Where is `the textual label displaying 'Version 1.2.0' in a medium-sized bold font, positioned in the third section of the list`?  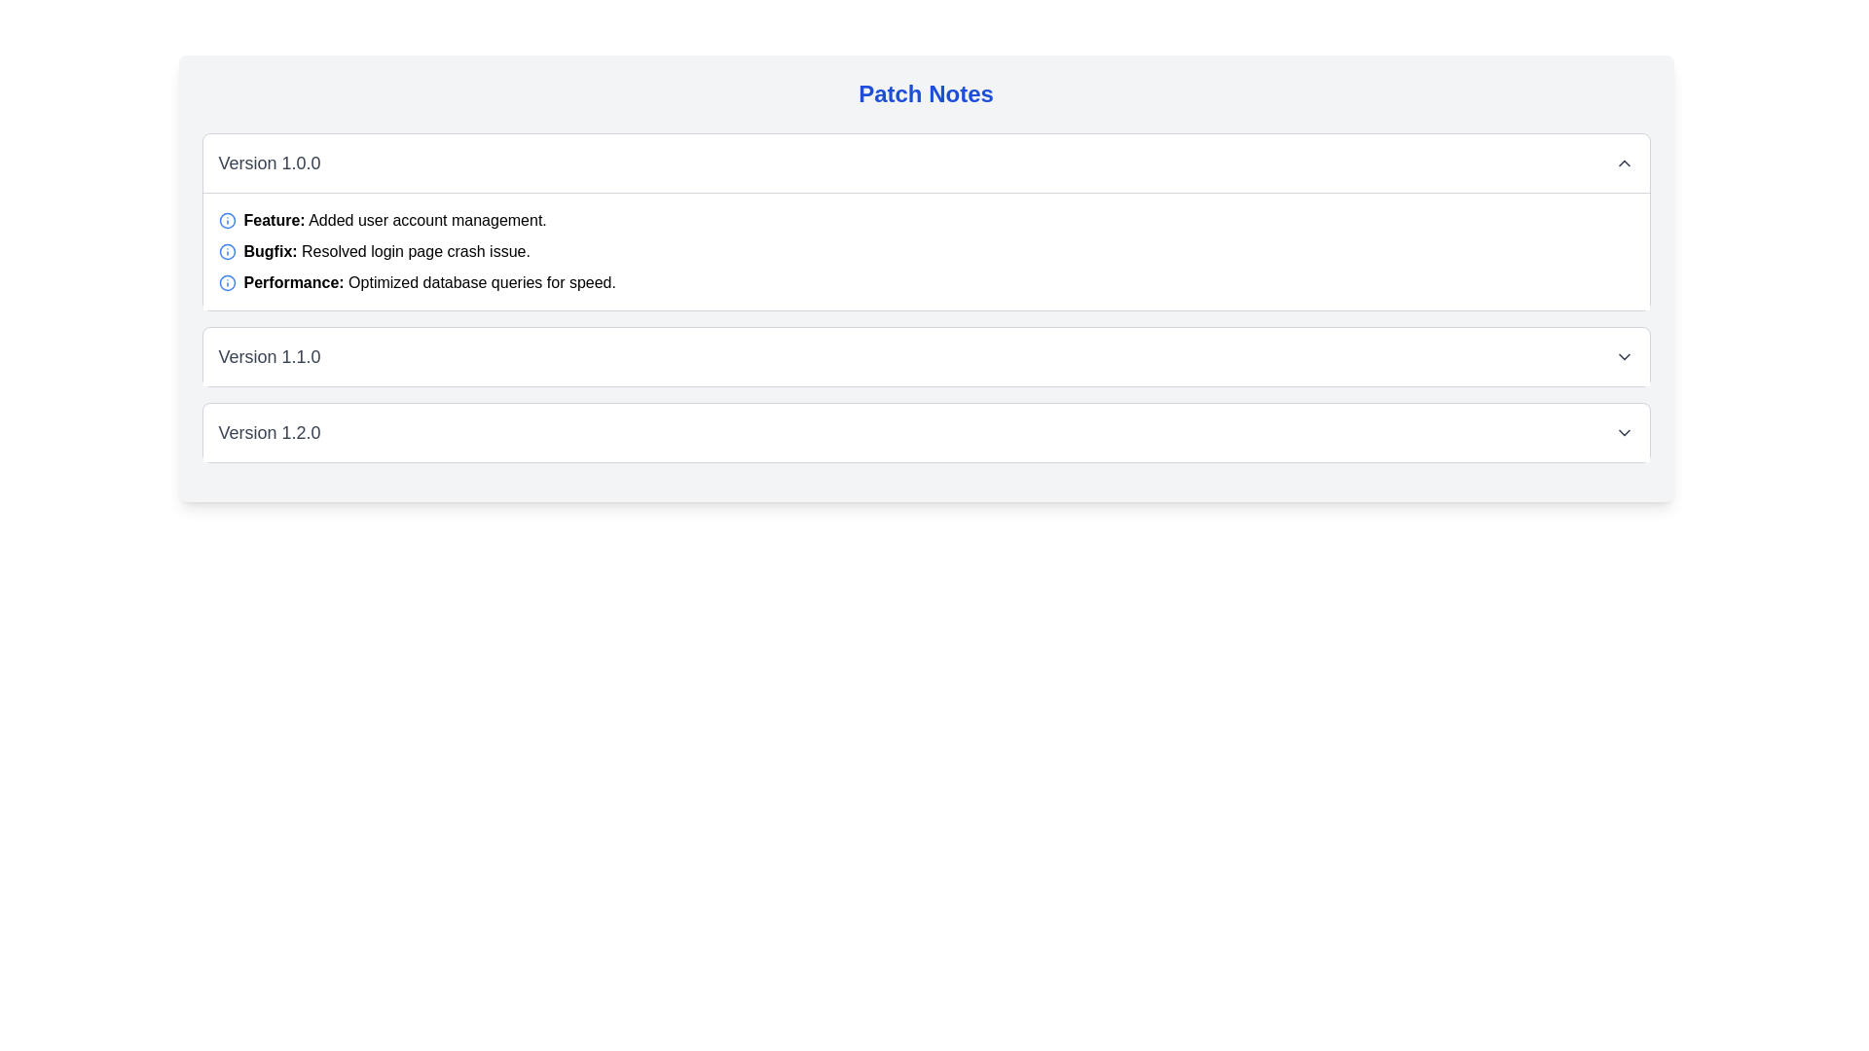
the textual label displaying 'Version 1.2.0' in a medium-sized bold font, positioned in the third section of the list is located at coordinates (269, 431).